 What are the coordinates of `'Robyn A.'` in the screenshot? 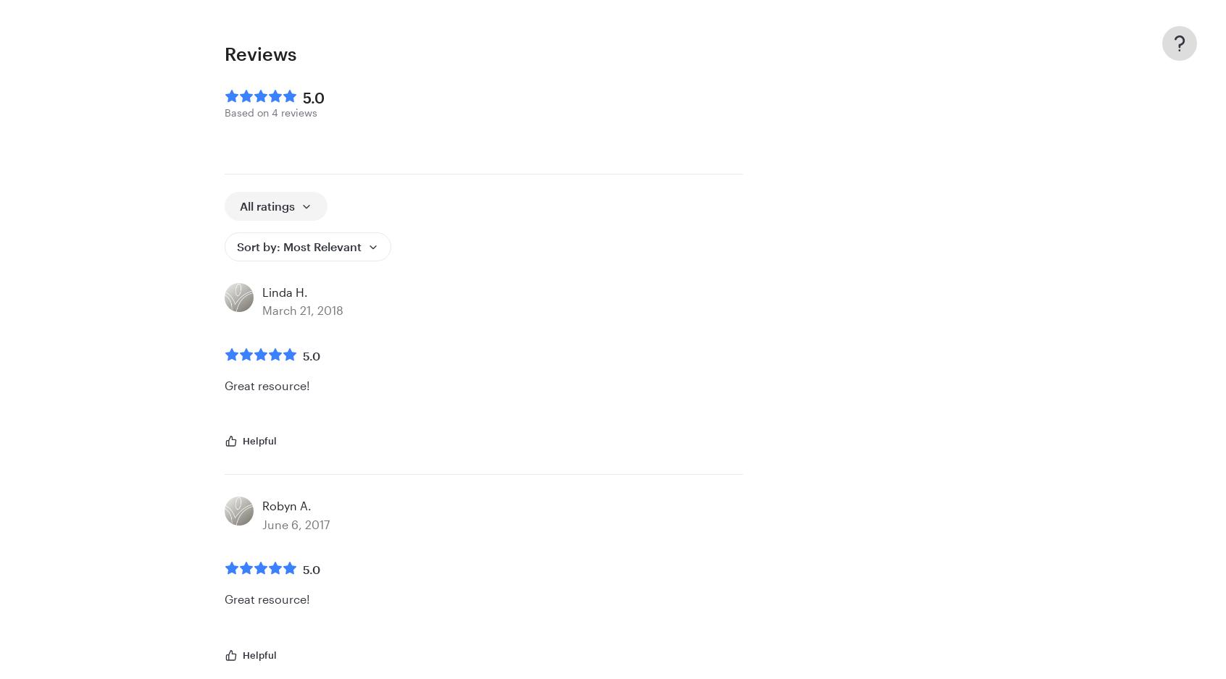 It's located at (286, 505).